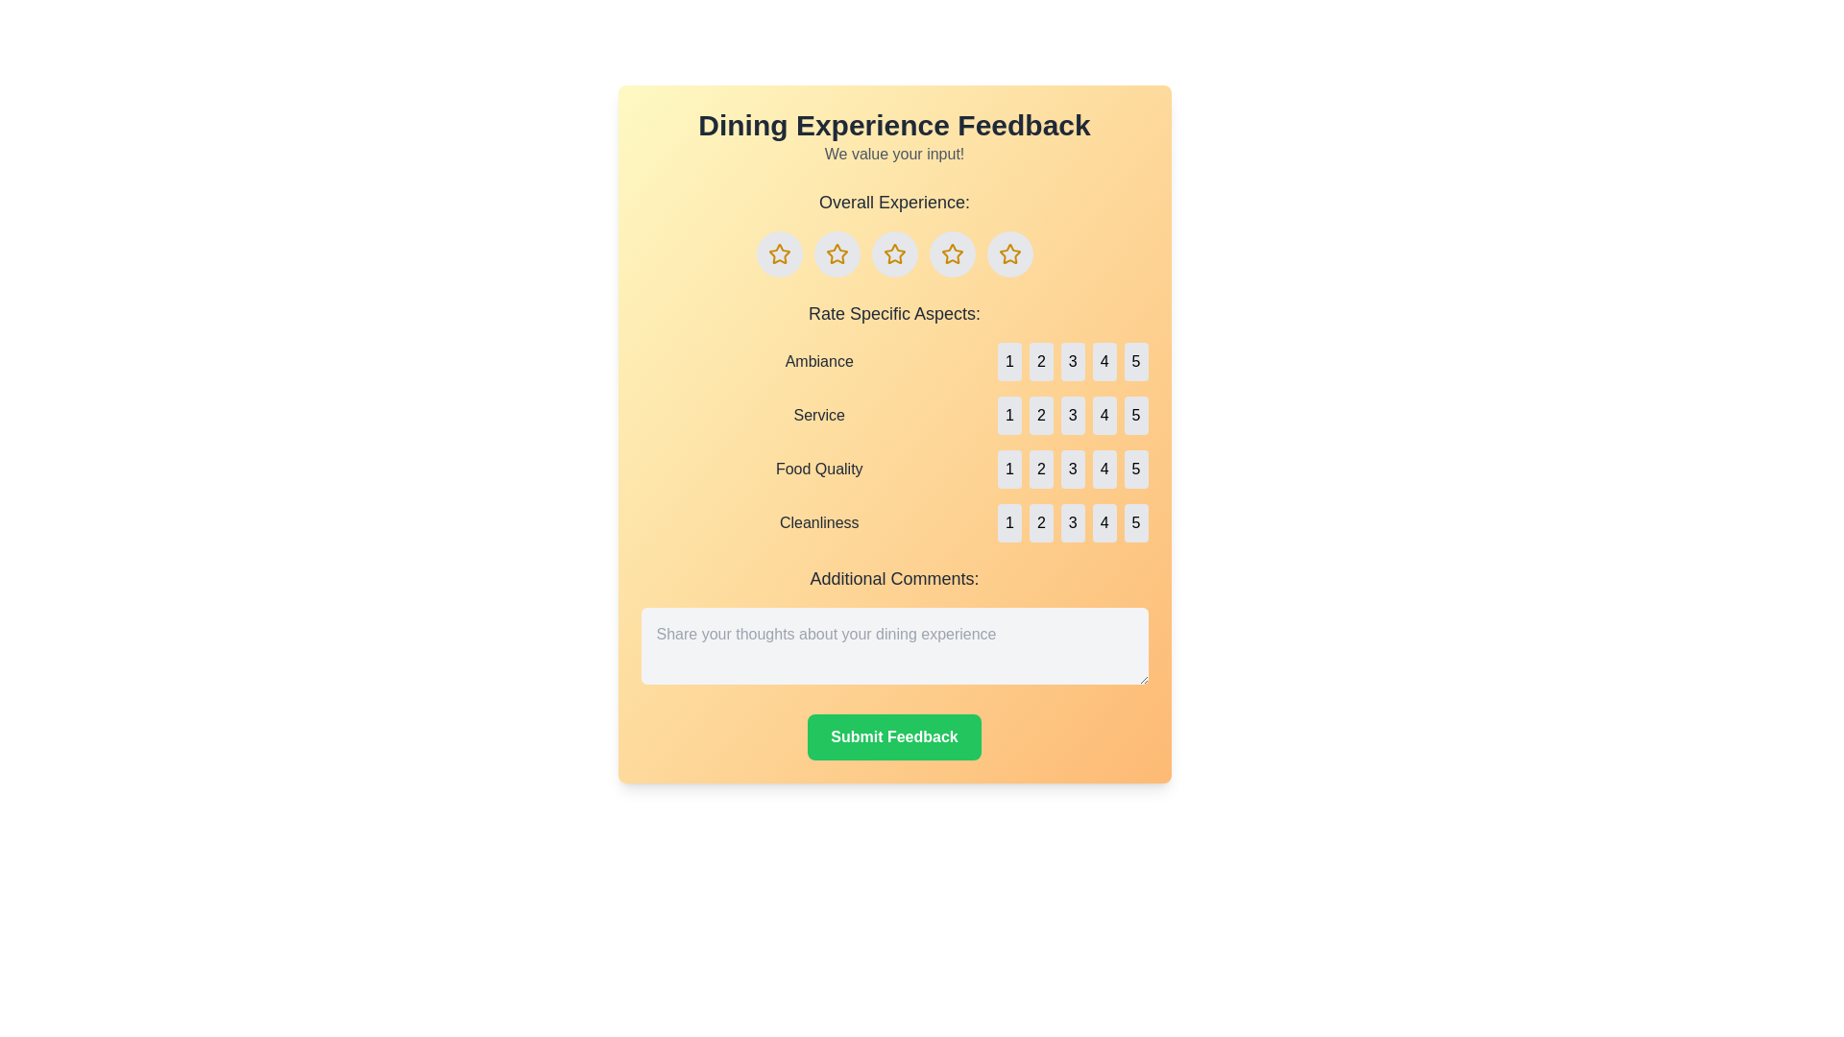  I want to click on the third rating button for the 'Cleanliness' category, so click(1072, 522).